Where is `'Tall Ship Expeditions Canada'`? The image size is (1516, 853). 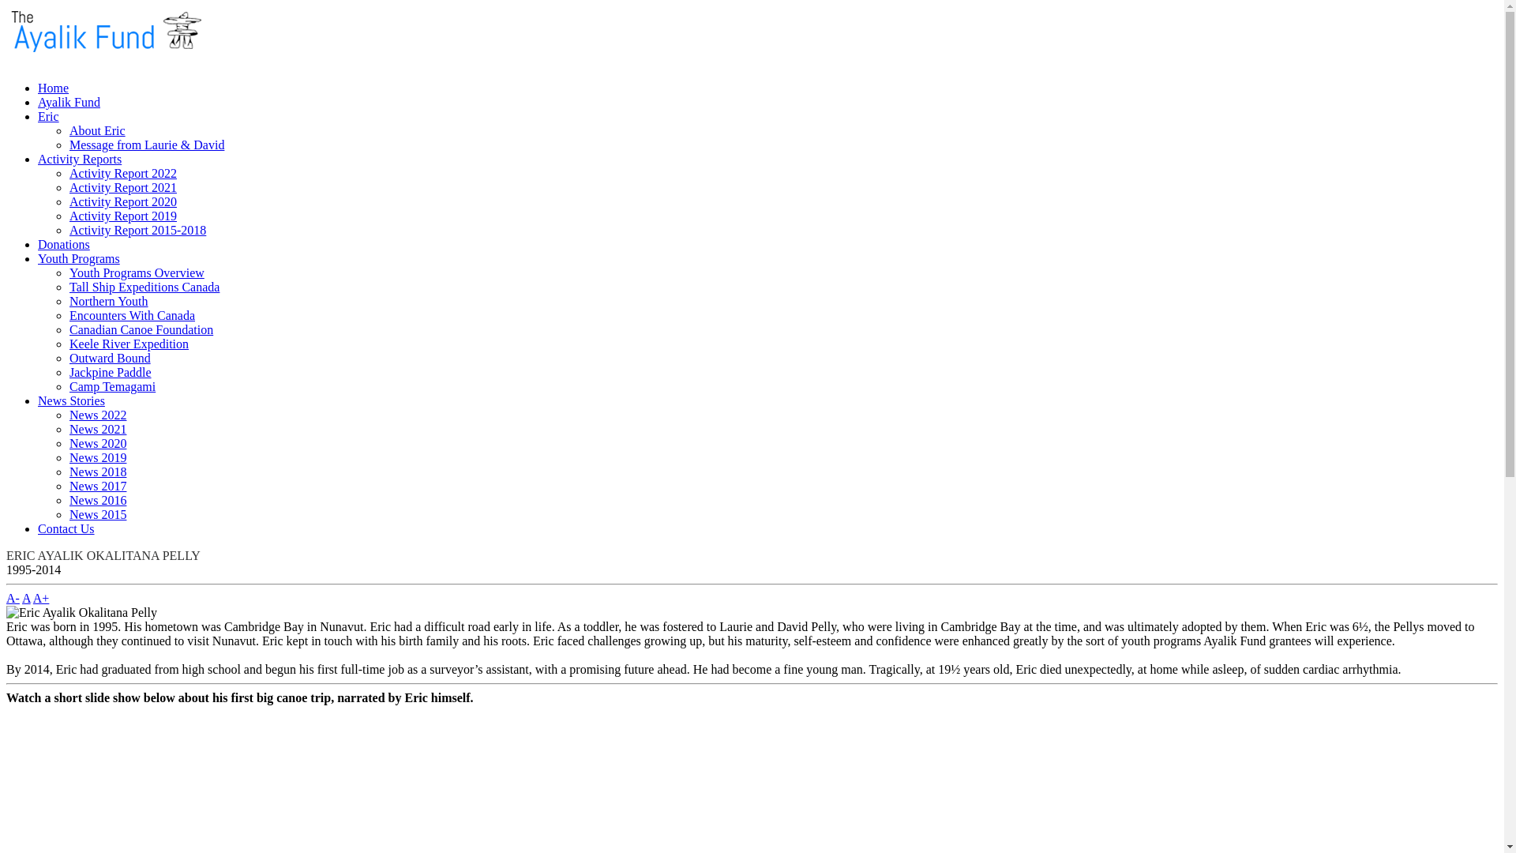 'Tall Ship Expeditions Canada' is located at coordinates (144, 287).